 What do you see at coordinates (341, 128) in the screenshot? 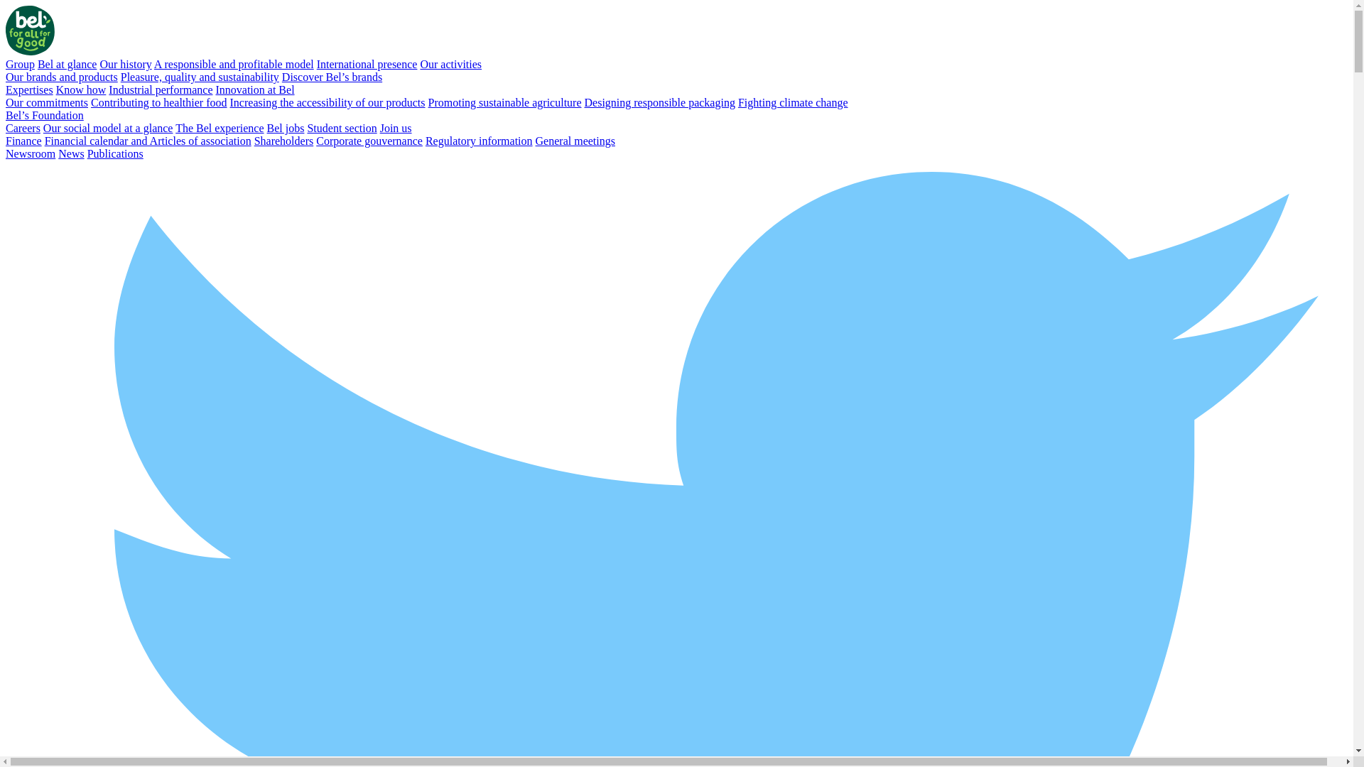
I see `'Student section'` at bounding box center [341, 128].